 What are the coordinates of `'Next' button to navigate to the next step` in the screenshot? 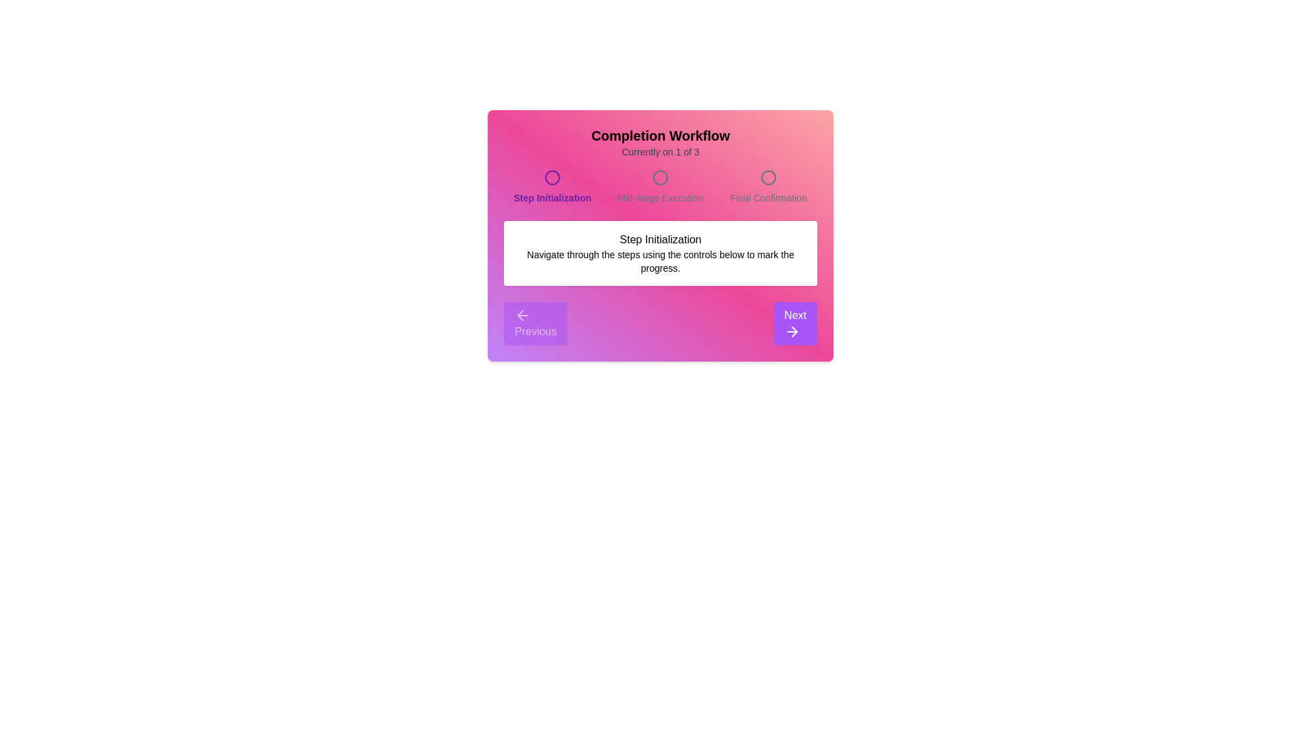 It's located at (795, 323).